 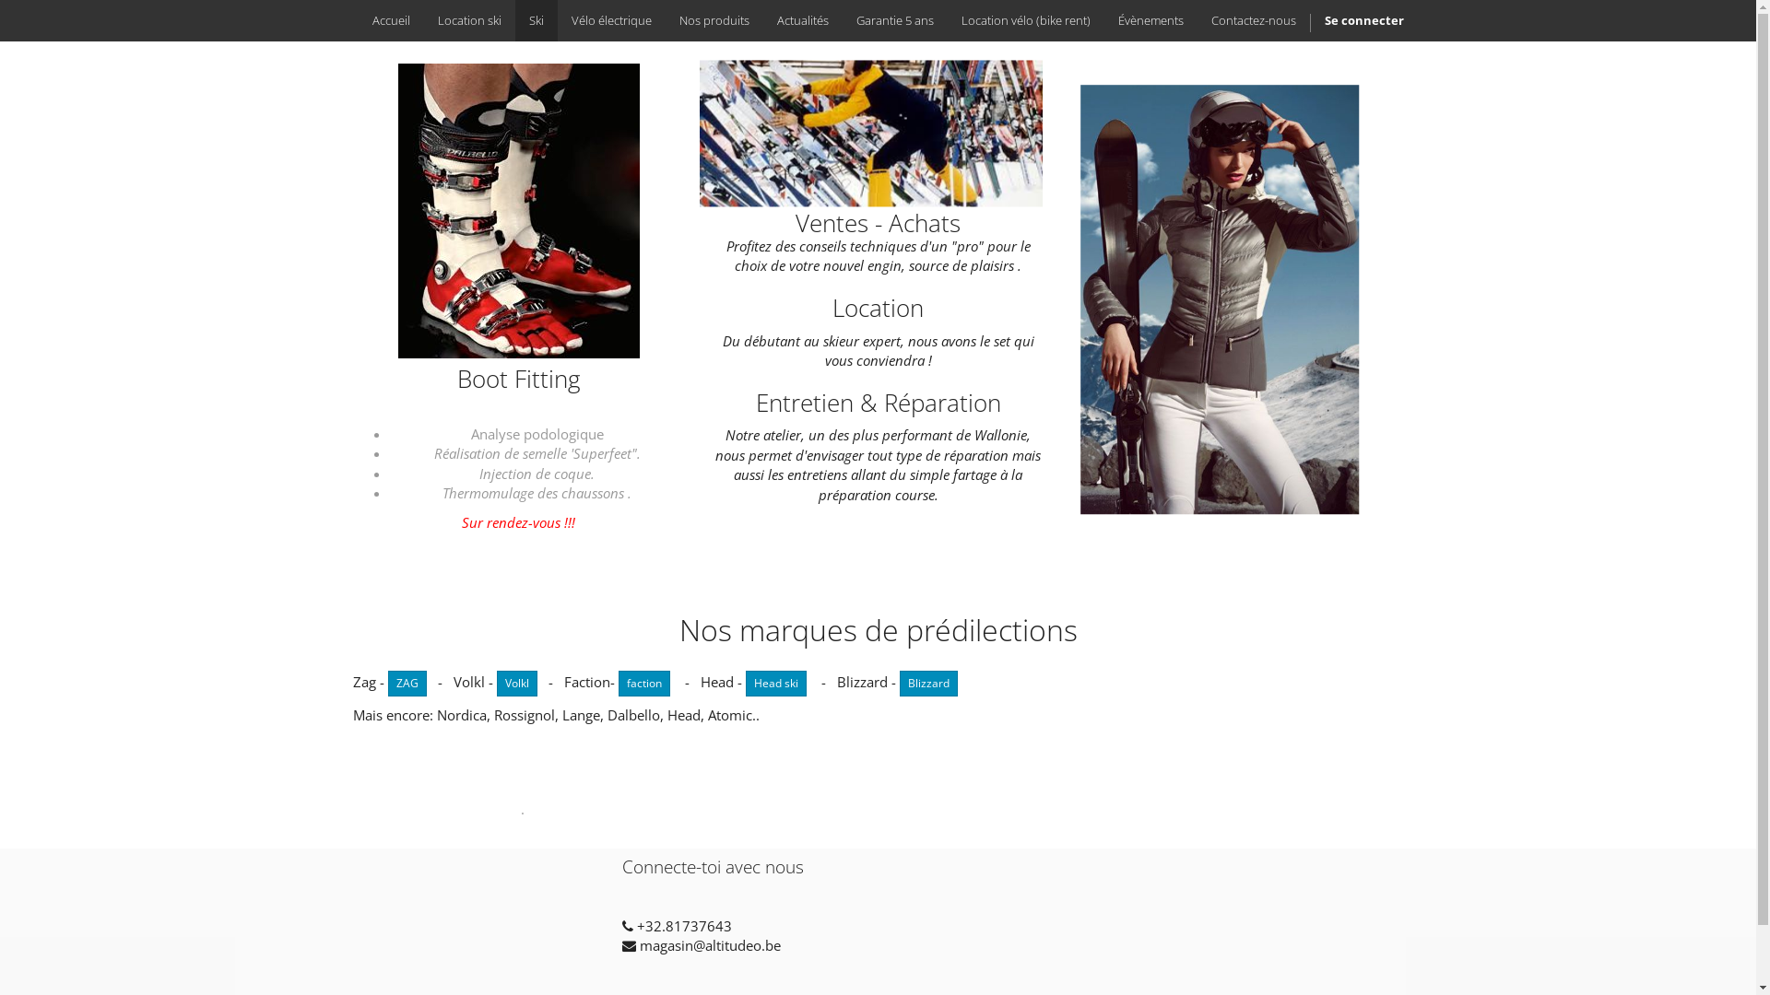 I want to click on 'Volkl', so click(x=495, y=683).